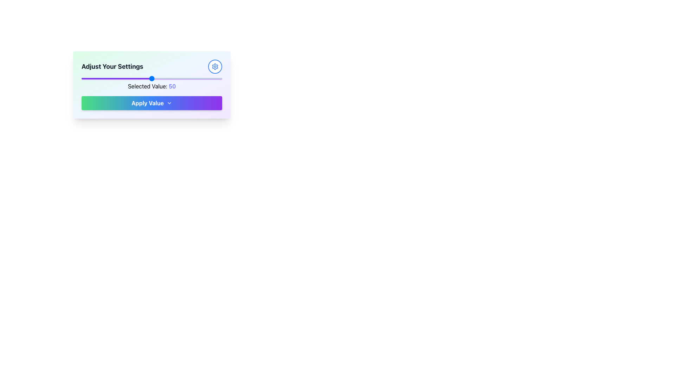  What do you see at coordinates (187, 78) in the screenshot?
I see `the slider` at bounding box center [187, 78].